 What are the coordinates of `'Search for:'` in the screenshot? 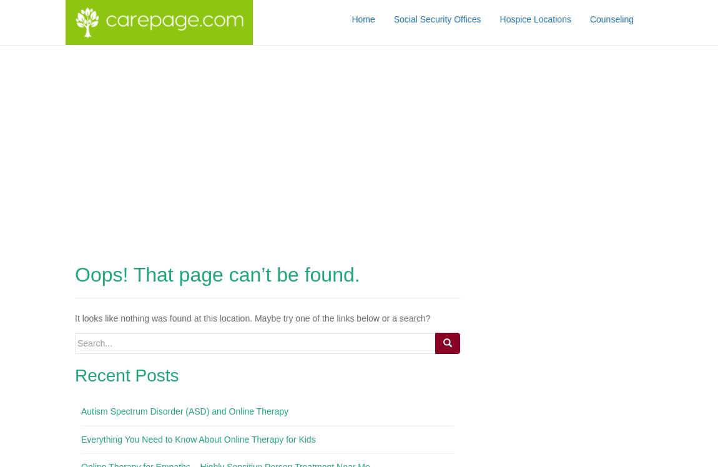 It's located at (95, 338).